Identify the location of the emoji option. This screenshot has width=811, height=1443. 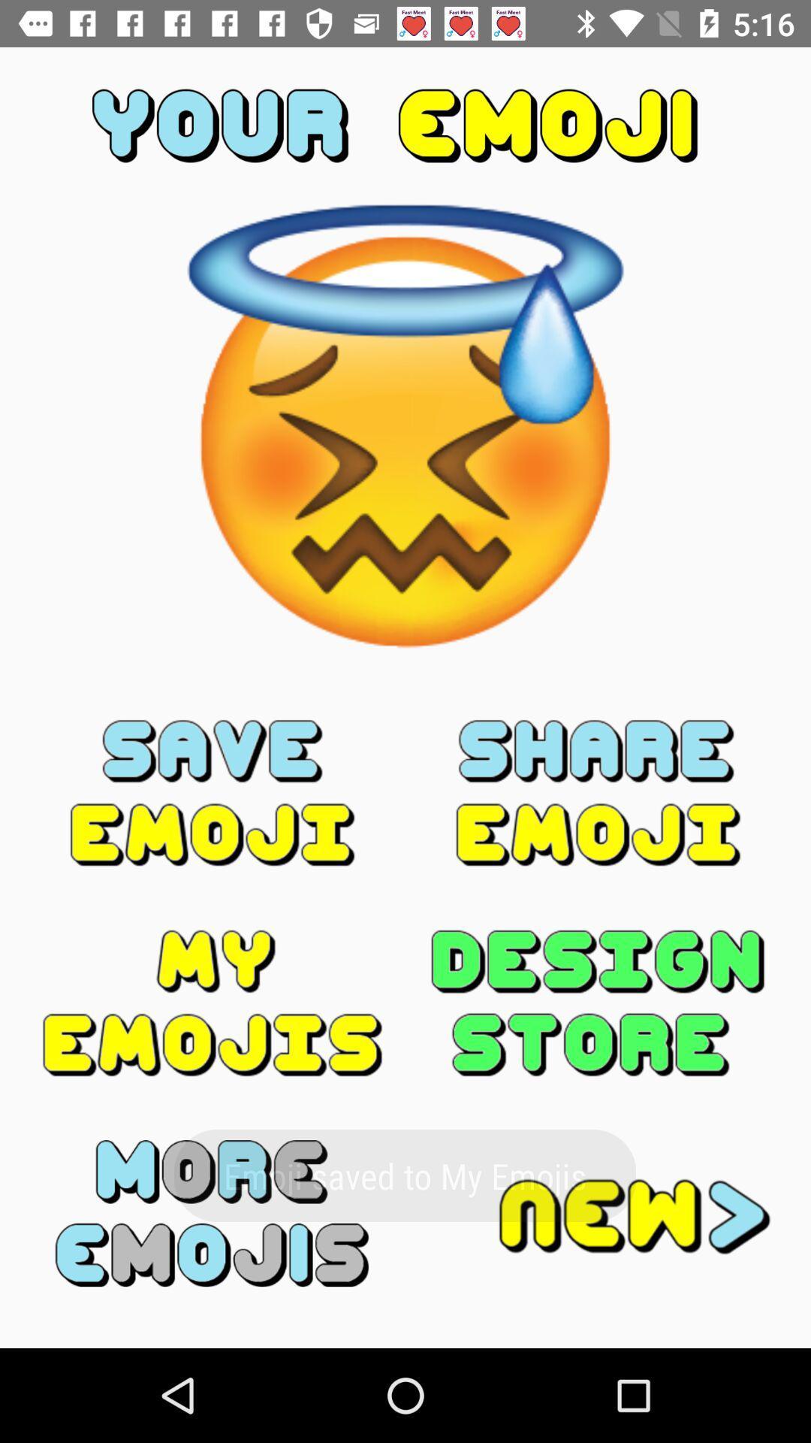
(213, 792).